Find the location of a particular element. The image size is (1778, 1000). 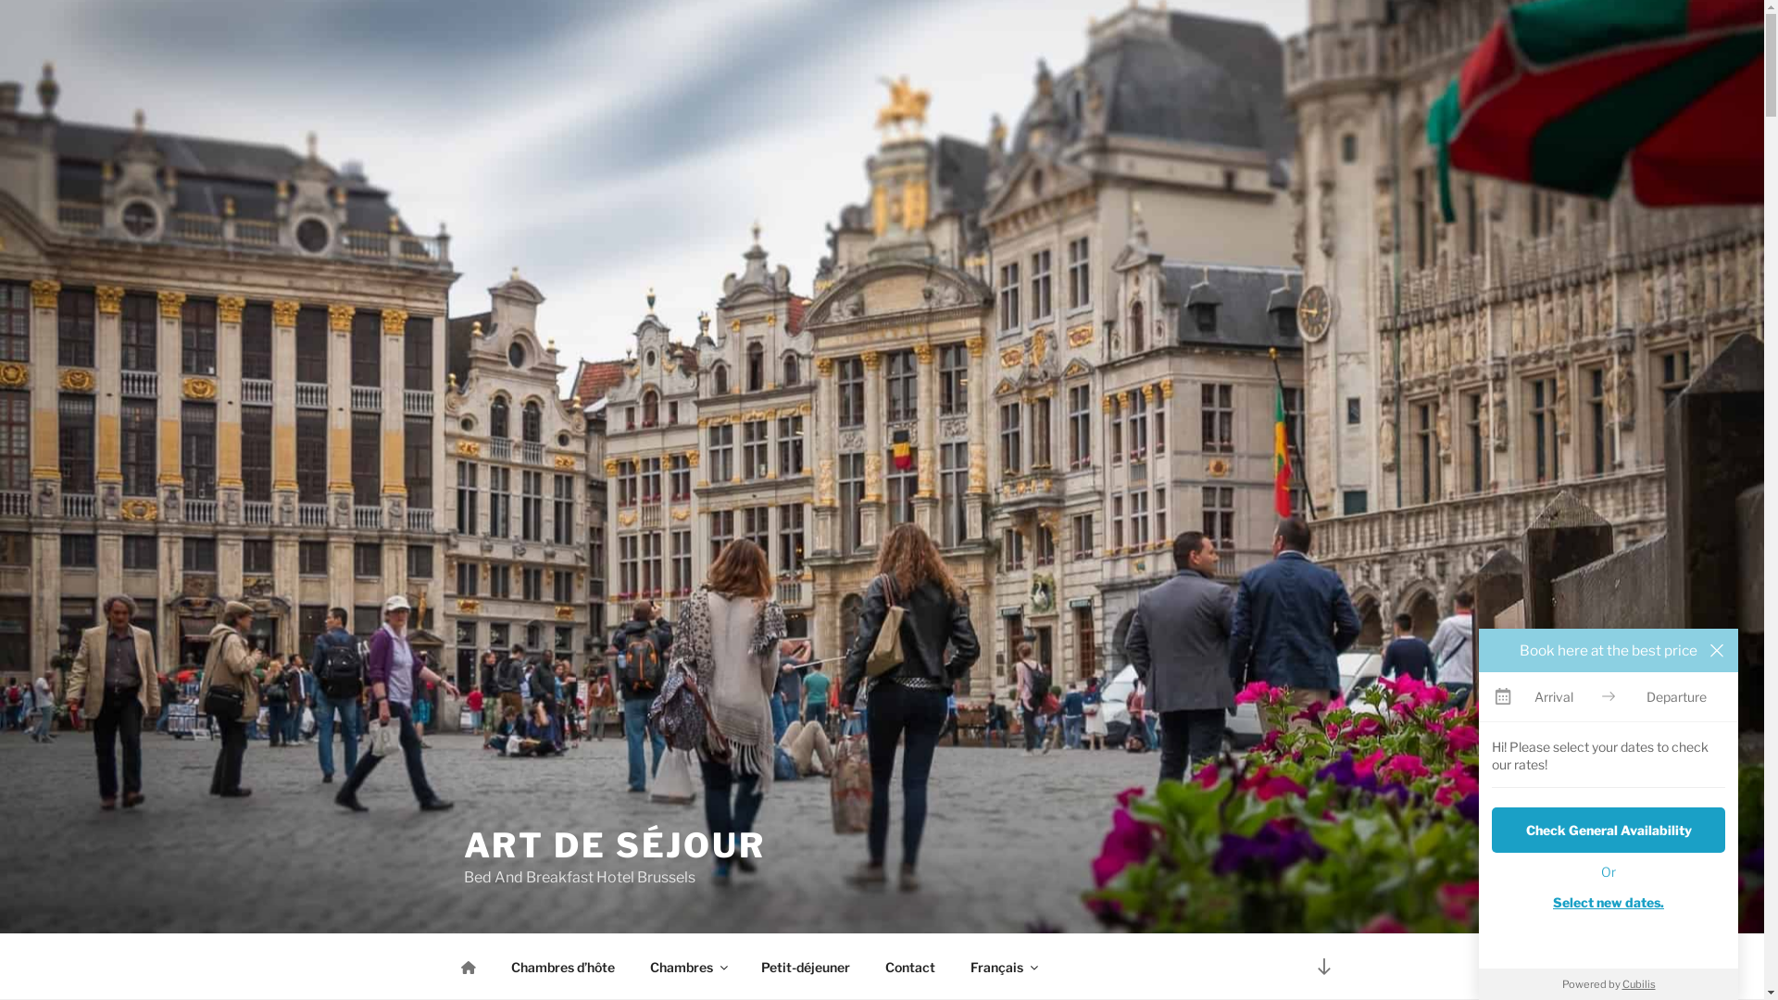

'Chambres' is located at coordinates (686, 966).